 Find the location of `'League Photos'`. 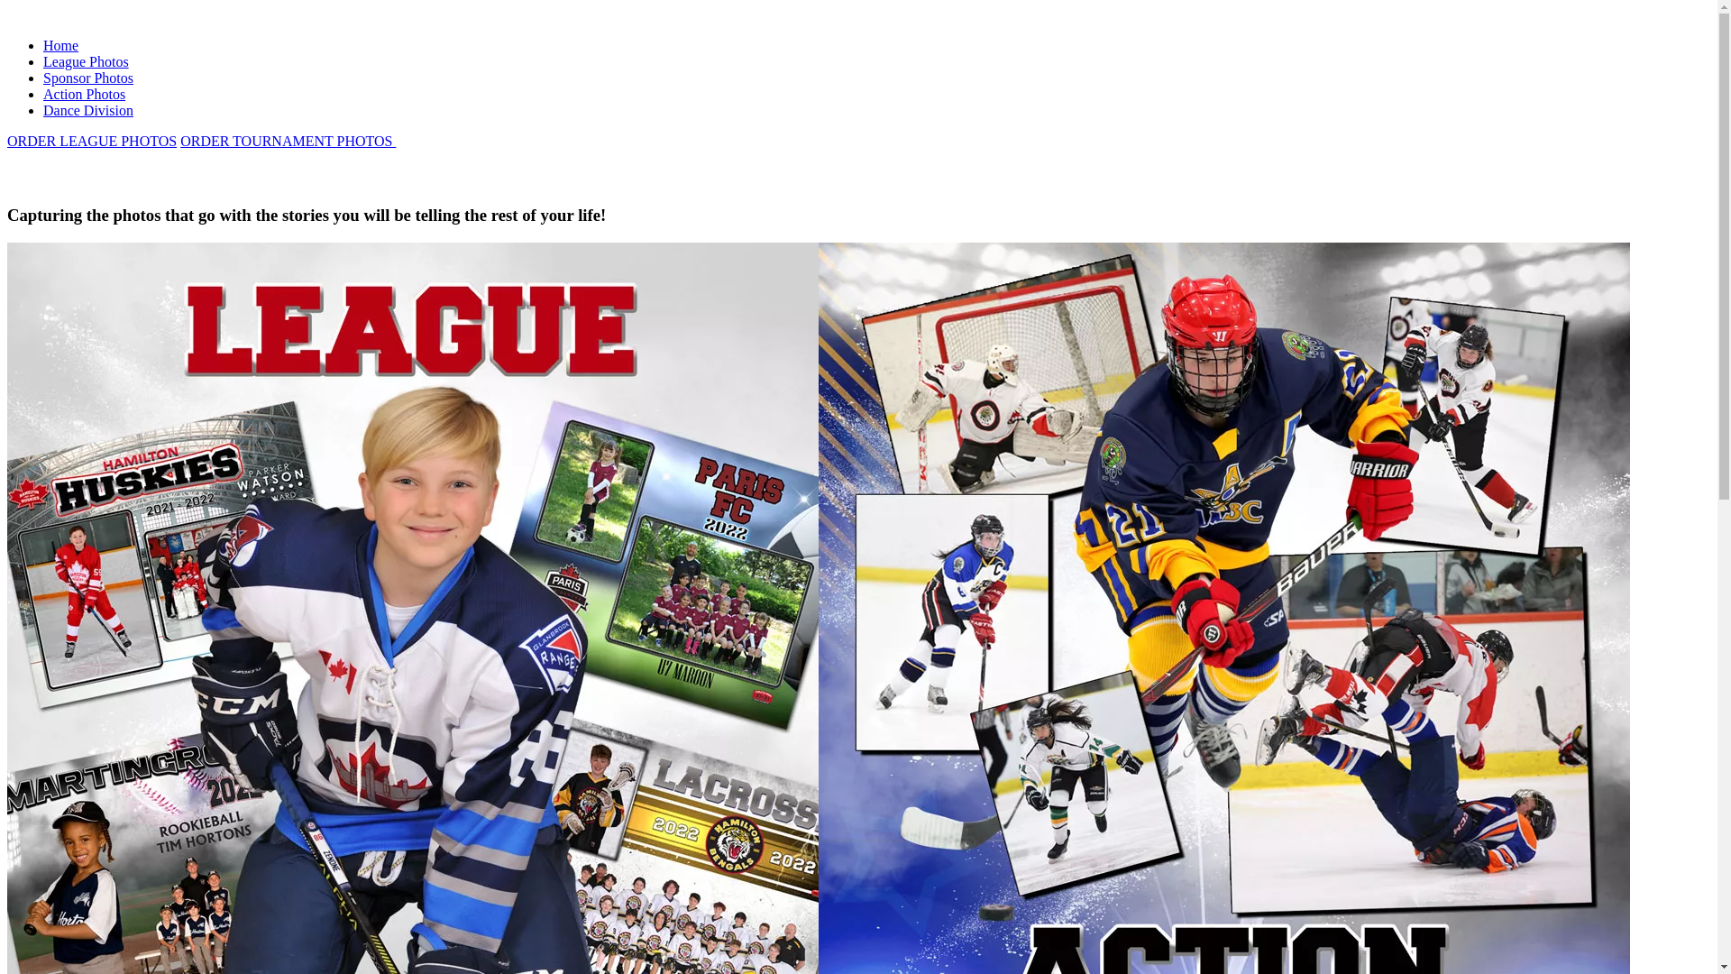

'League Photos' is located at coordinates (85, 60).